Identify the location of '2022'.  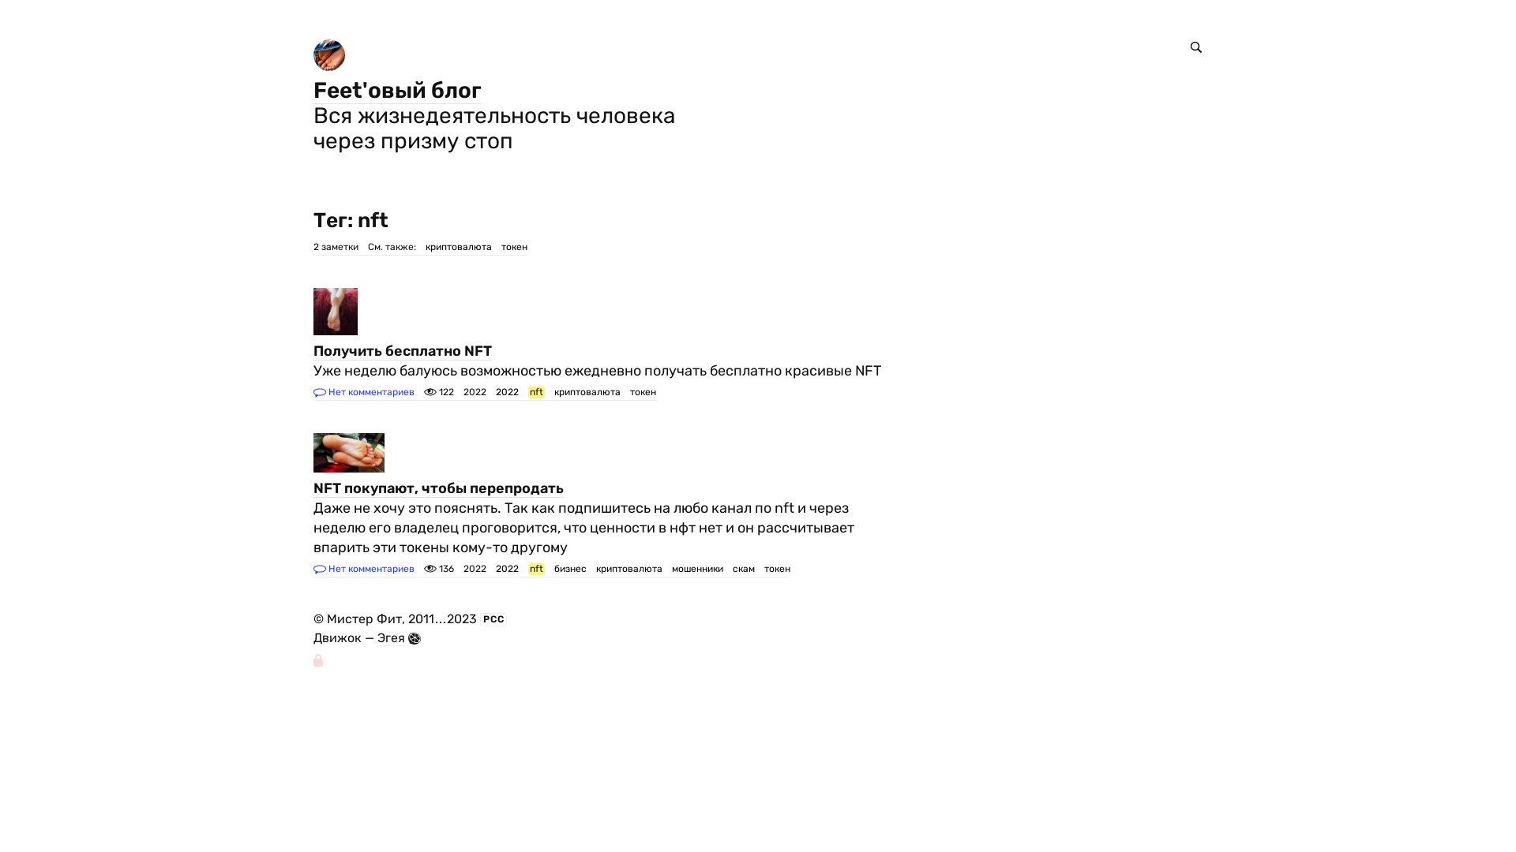
(507, 391).